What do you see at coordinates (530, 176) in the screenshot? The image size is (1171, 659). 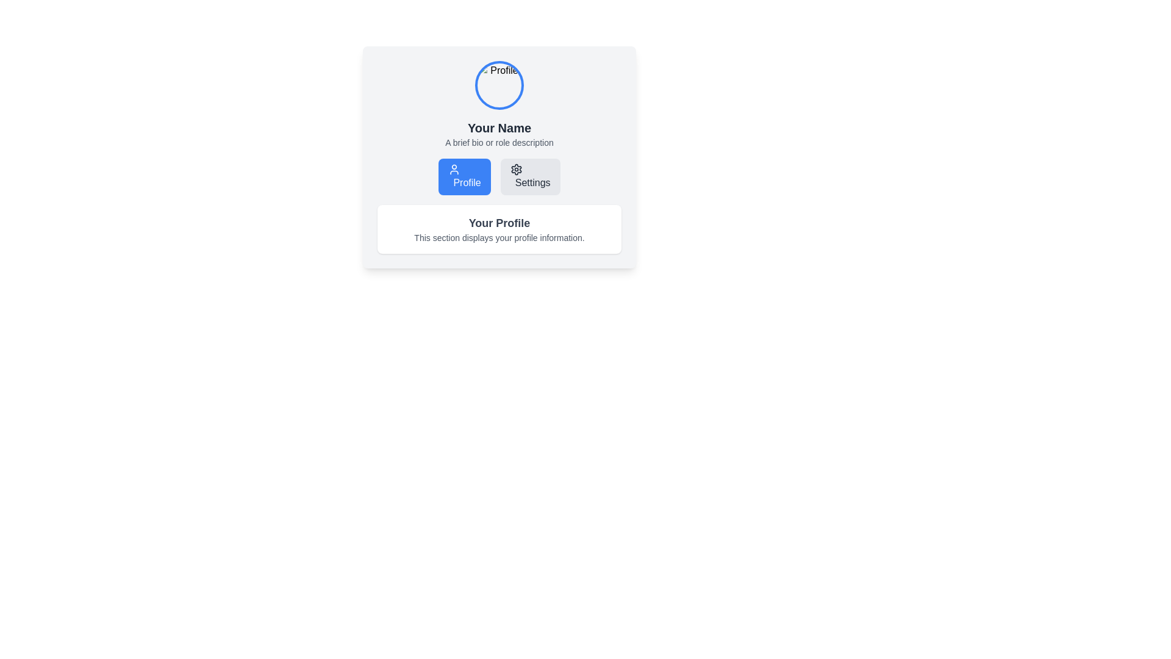 I see `the 'Settings' button, which has a light gray background, dark gray text, and a gear icon, located to the right of the 'Profile' button under the title 'Your Name'` at bounding box center [530, 176].